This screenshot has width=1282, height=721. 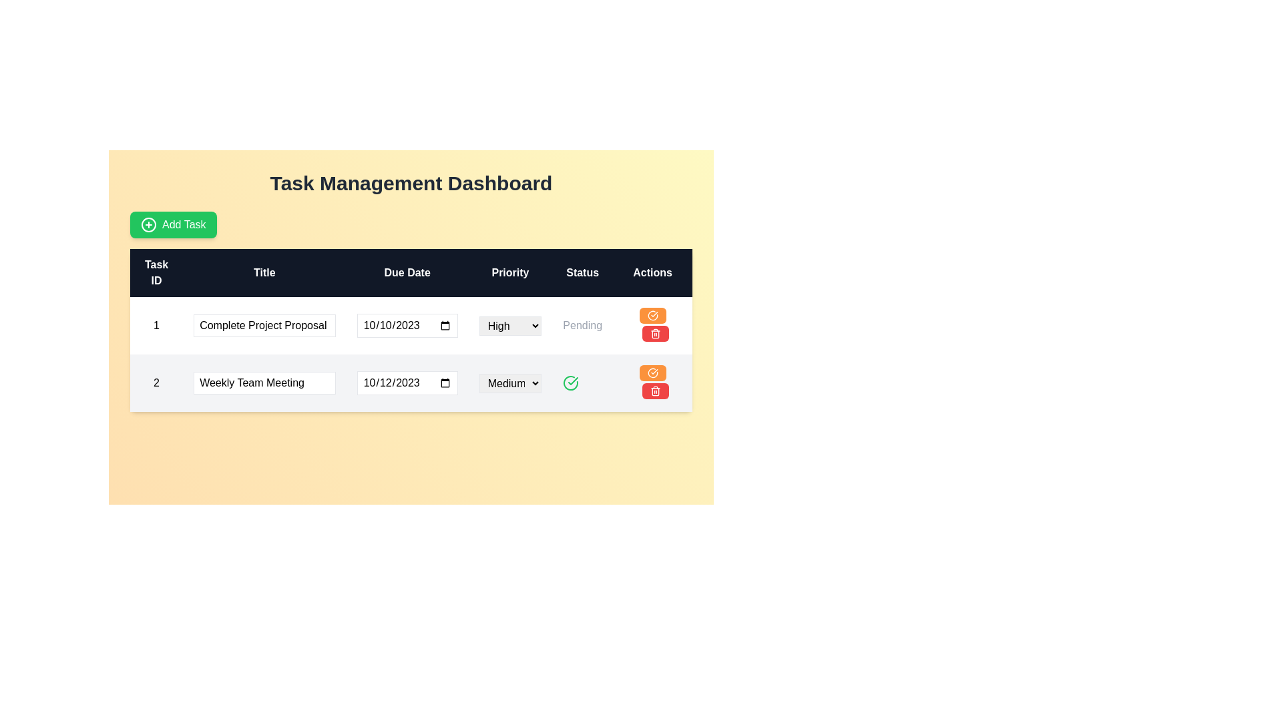 What do you see at coordinates (509, 383) in the screenshot?
I see `the dropdown menu in the 'Priority' column of the second row in the task table, which displays 'Medium' and has a downward arrow icon` at bounding box center [509, 383].